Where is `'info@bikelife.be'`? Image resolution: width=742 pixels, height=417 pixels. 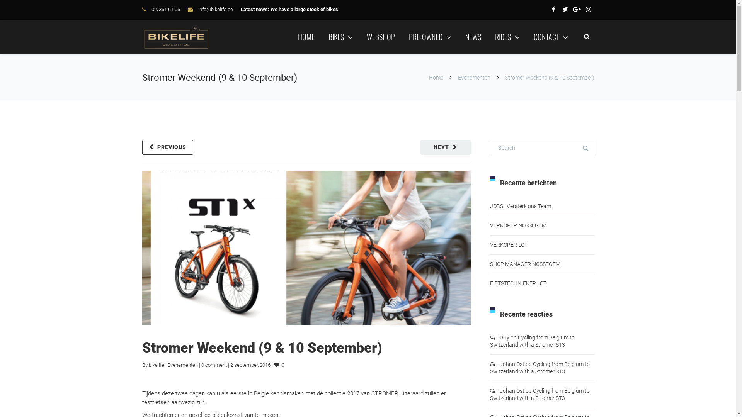 'info@bikelife.be' is located at coordinates (198, 9).